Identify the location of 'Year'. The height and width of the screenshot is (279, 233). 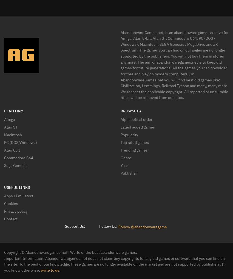
(124, 165).